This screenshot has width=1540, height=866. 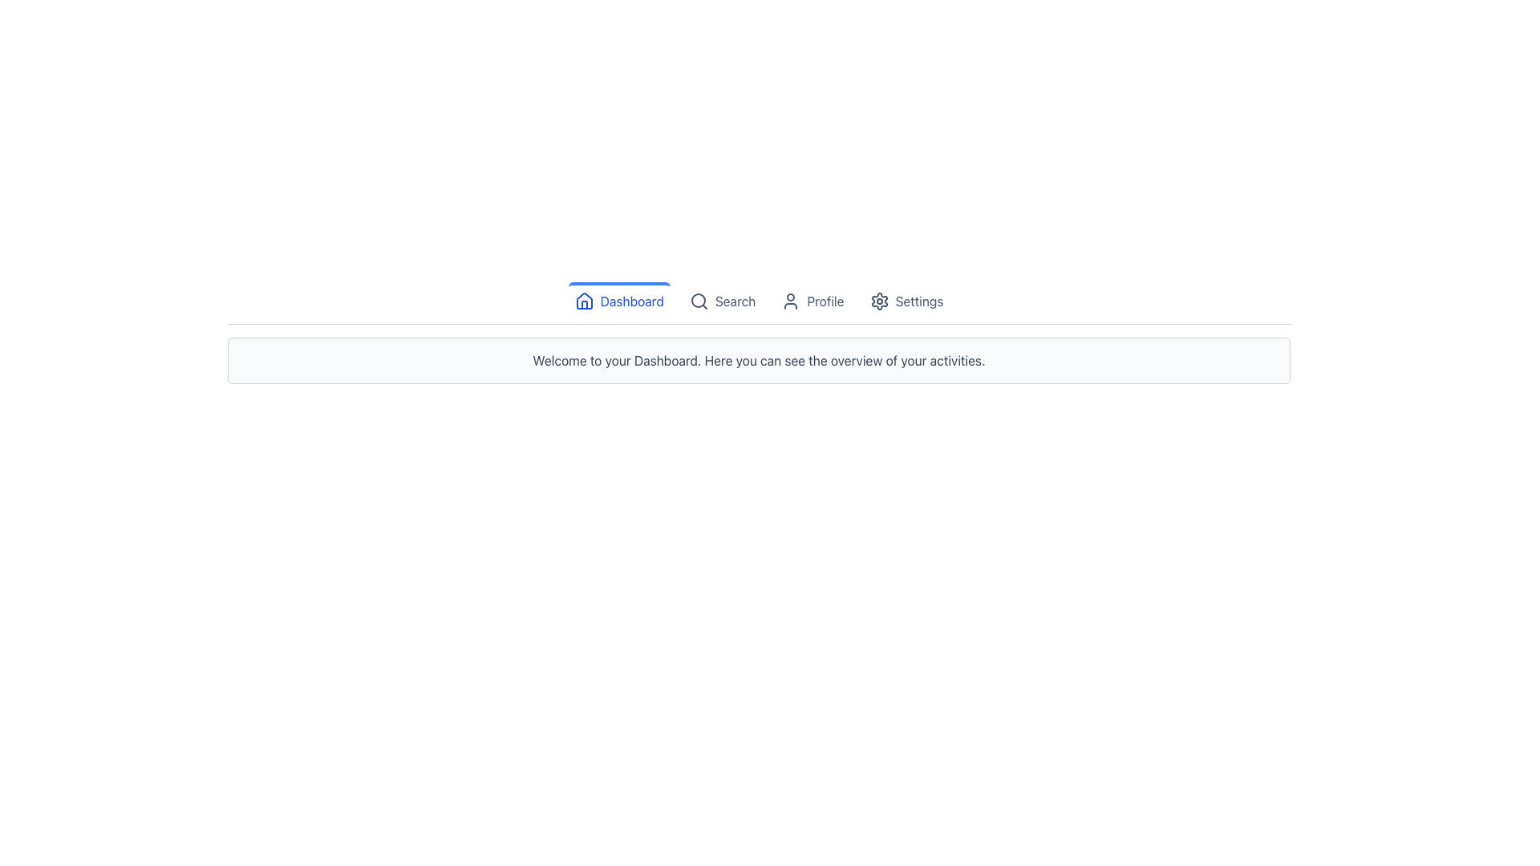 What do you see at coordinates (583, 305) in the screenshot?
I see `door graphic element of the house icon located in the top navigation bar near the 'Dashboard' label using developer tools` at bounding box center [583, 305].